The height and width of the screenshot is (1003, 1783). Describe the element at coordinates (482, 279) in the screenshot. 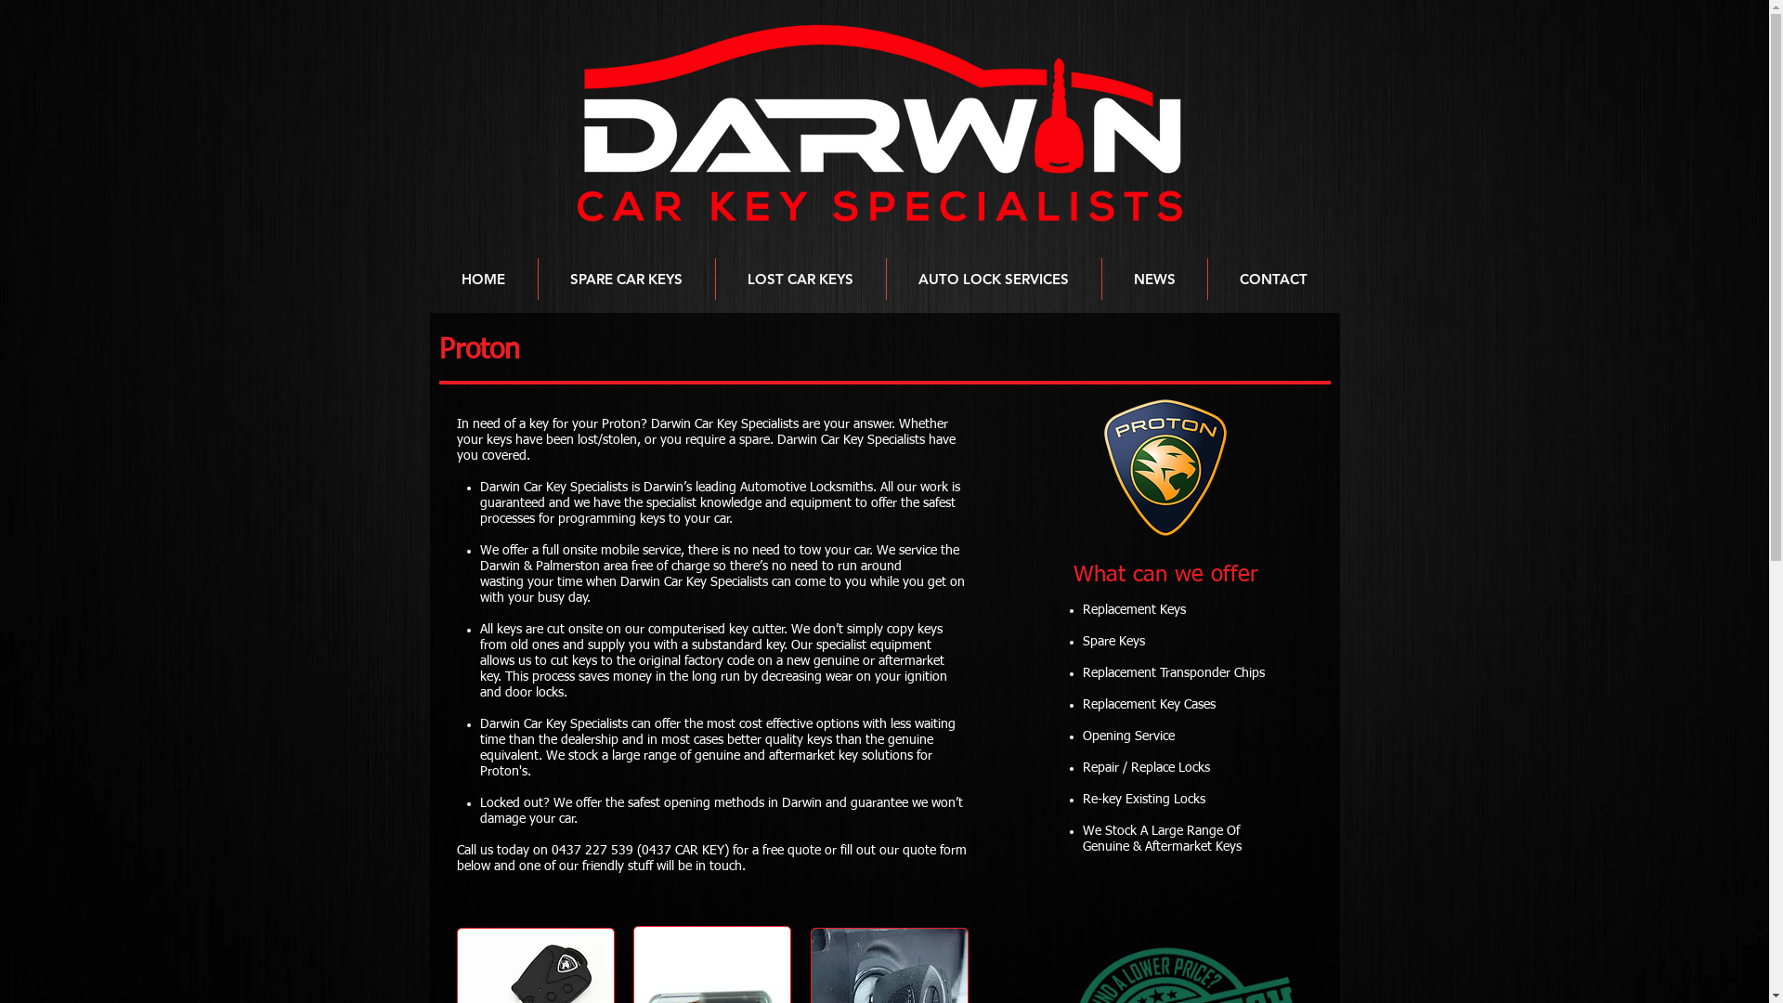

I see `'HOME'` at that location.